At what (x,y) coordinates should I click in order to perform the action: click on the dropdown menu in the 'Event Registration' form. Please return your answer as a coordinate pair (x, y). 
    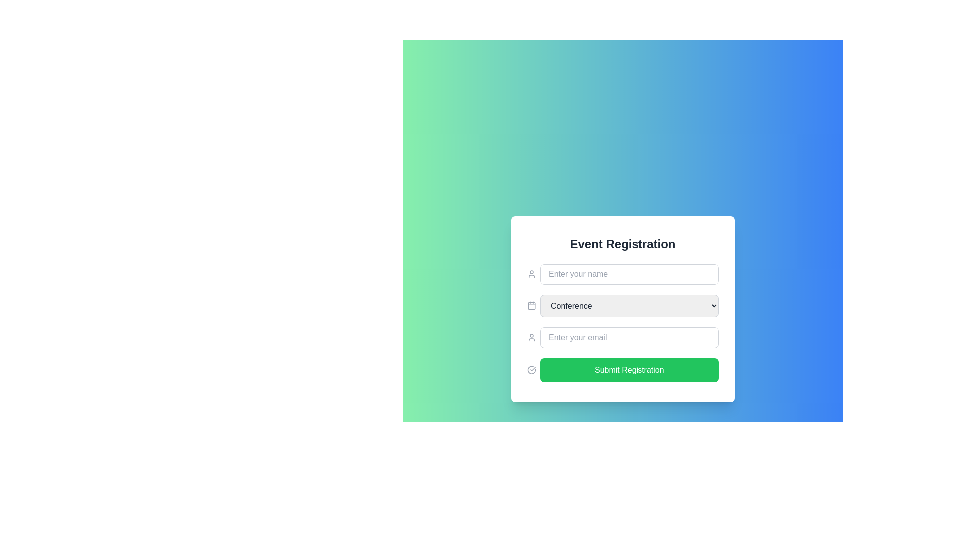
    Looking at the image, I should click on (622, 305).